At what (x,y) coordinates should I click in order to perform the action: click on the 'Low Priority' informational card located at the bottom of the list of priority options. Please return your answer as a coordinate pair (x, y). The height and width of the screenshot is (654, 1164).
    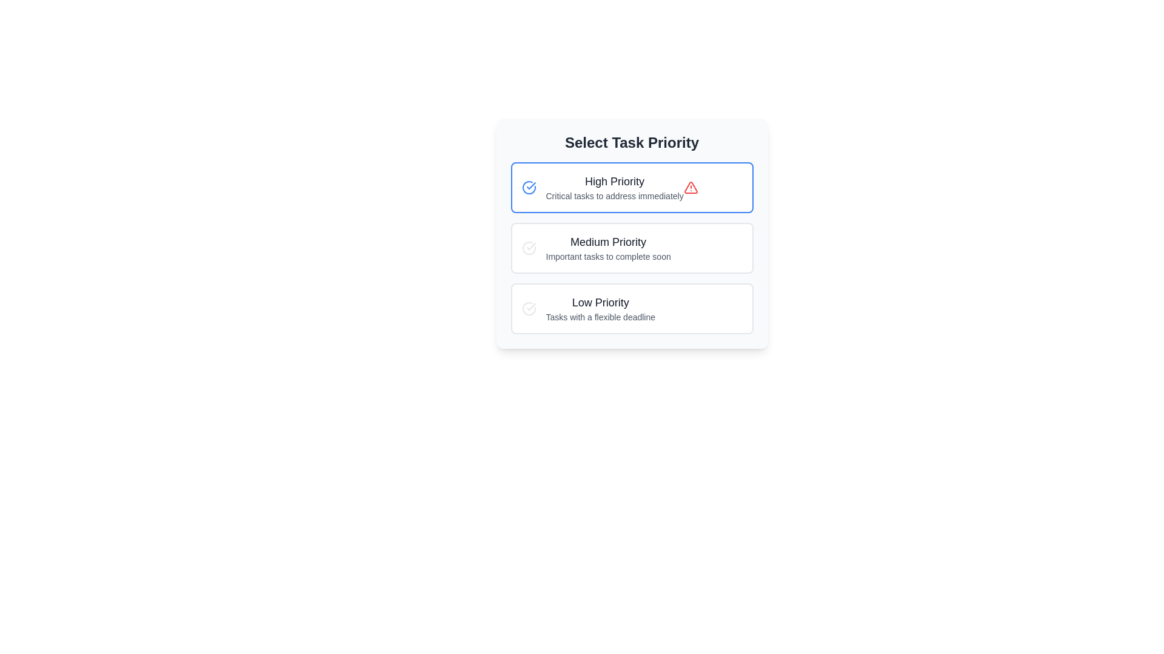
    Looking at the image, I should click on (631, 308).